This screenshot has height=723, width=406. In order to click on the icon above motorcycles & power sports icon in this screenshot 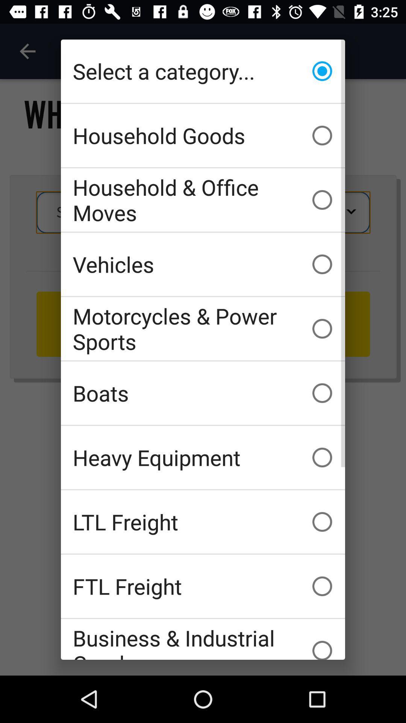, I will do `click(203, 264)`.